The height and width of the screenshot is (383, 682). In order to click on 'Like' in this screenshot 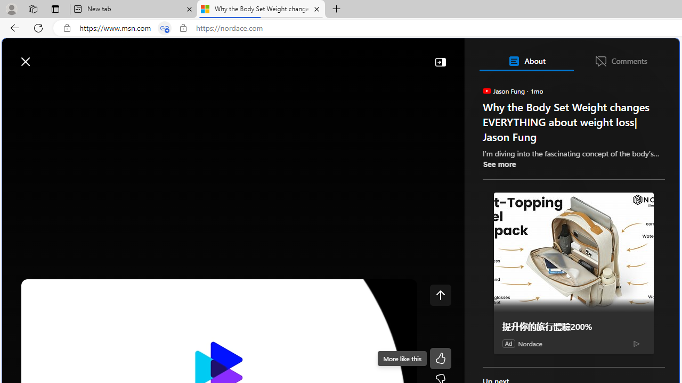, I will do `click(440, 358)`.